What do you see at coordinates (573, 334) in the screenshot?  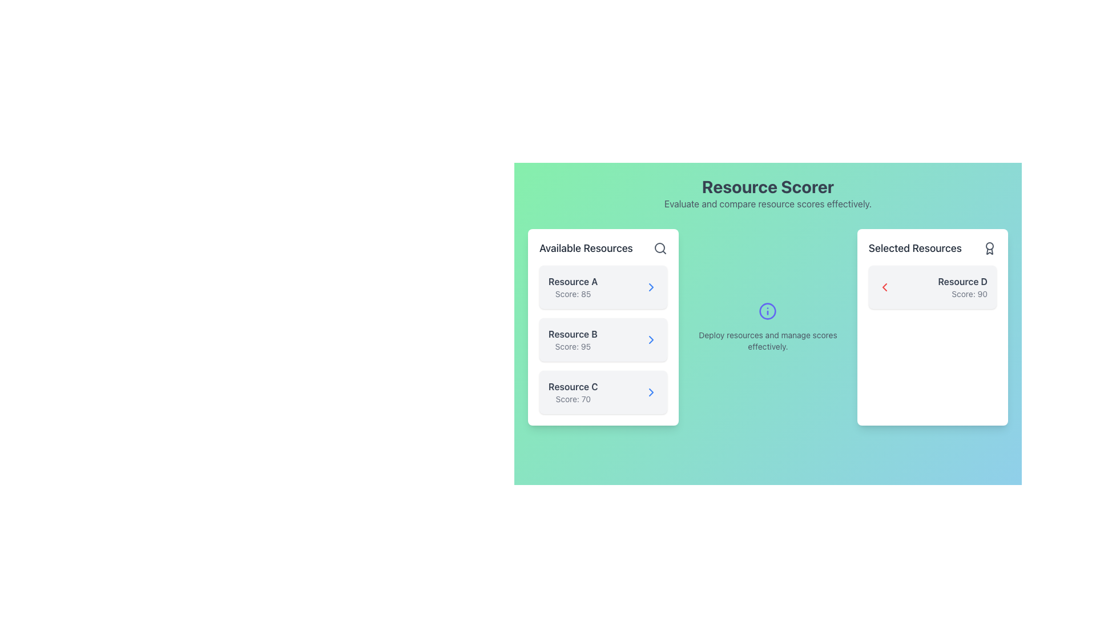 I see `the text label displaying 'Resource B'` at bounding box center [573, 334].